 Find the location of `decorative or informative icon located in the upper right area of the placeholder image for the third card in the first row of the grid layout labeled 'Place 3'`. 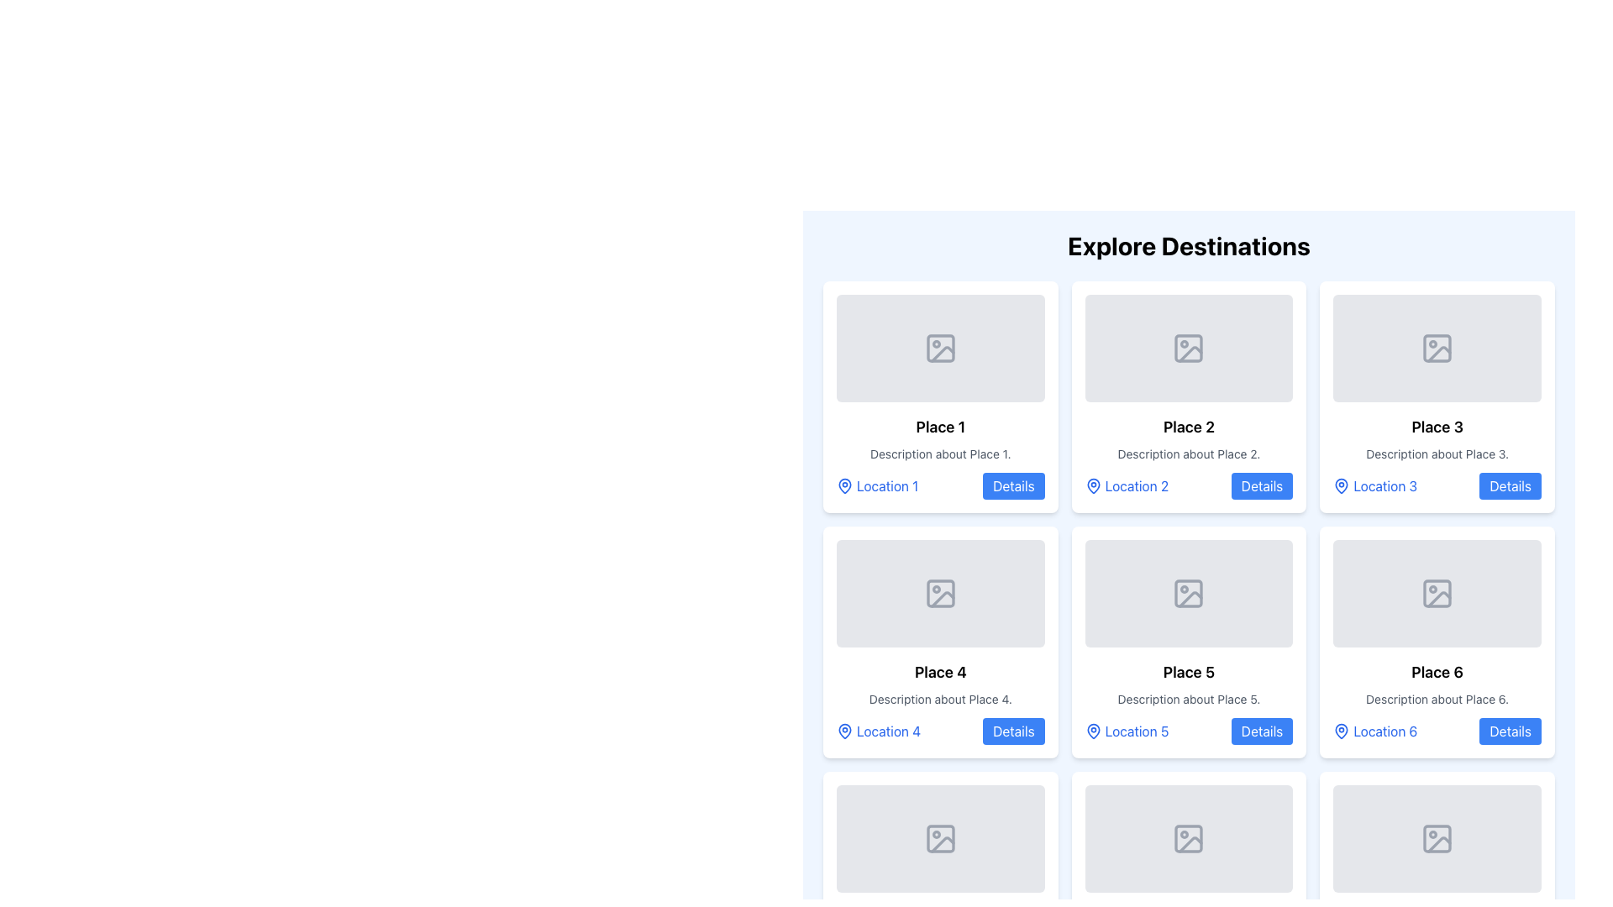

decorative or informative icon located in the upper right area of the placeholder image for the third card in the first row of the grid layout labeled 'Place 3' is located at coordinates (1438, 353).